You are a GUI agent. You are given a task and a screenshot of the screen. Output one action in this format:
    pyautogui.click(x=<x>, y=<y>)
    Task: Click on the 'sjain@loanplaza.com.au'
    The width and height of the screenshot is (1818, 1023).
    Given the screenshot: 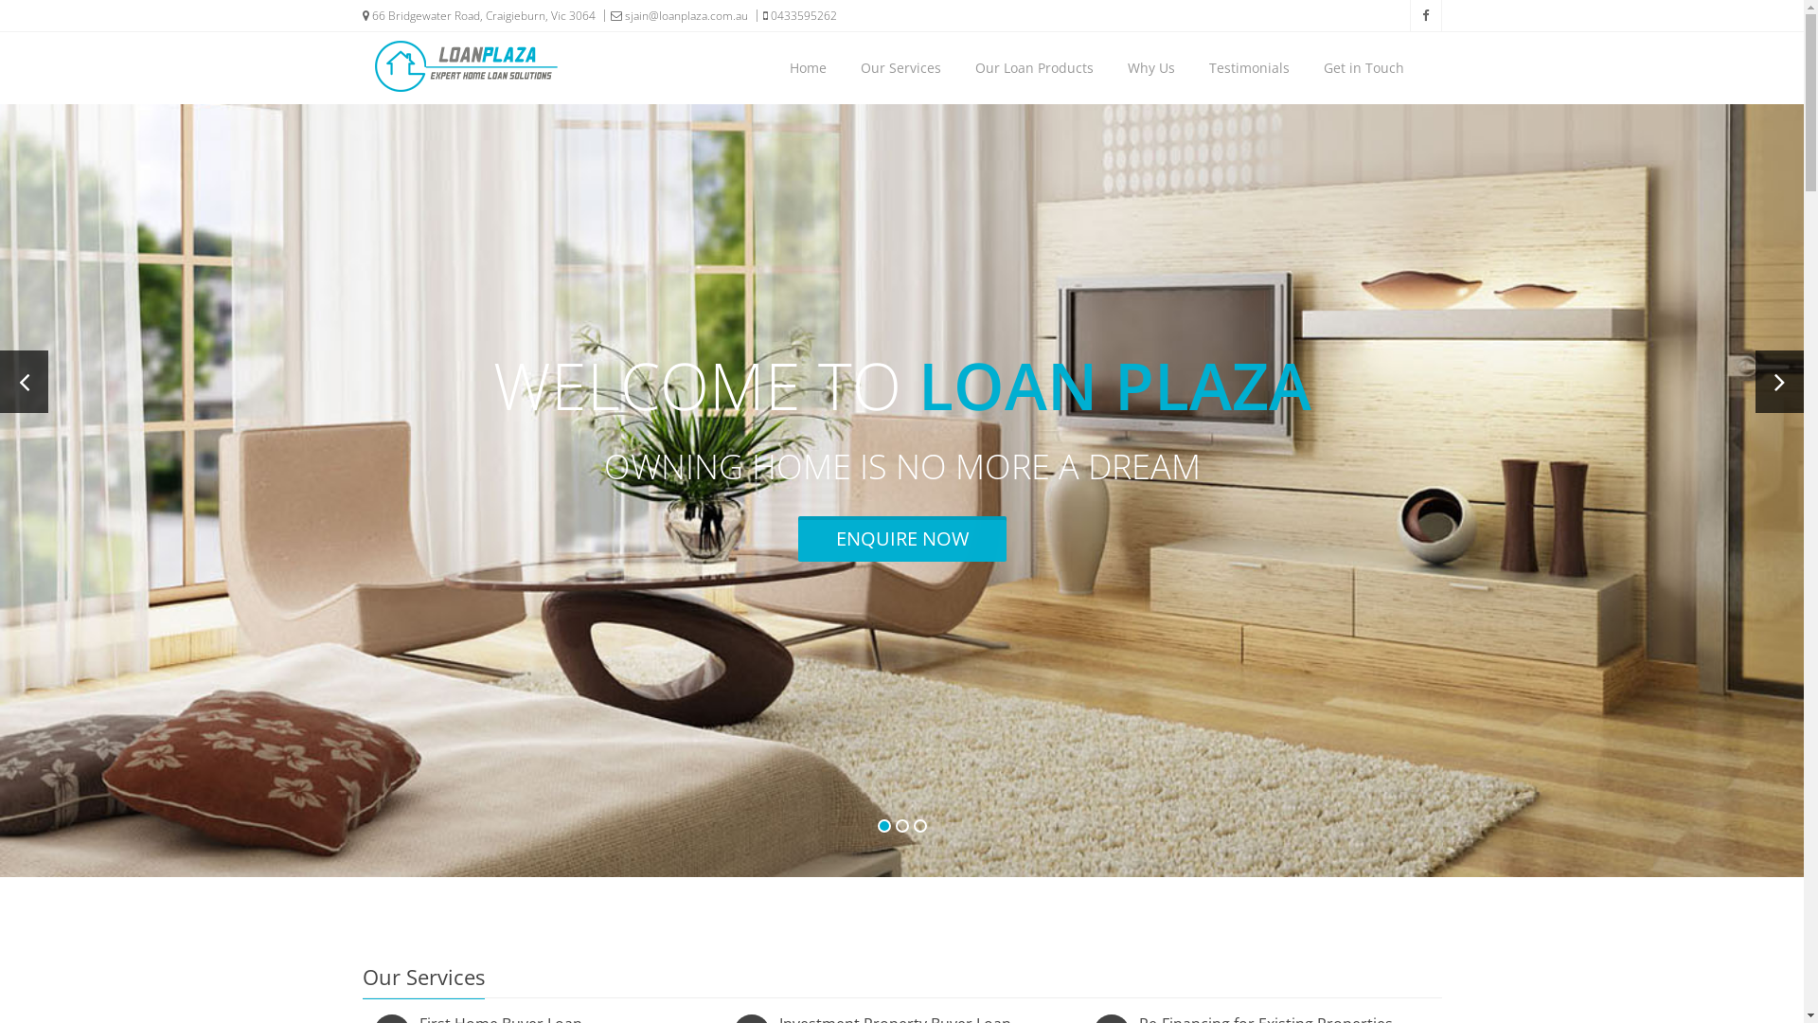 What is the action you would take?
    pyautogui.click(x=672, y=15)
    